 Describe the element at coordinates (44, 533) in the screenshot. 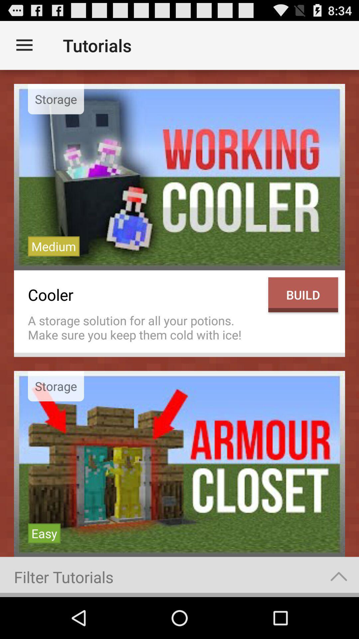

I see `the item above filter tutorials item` at that location.